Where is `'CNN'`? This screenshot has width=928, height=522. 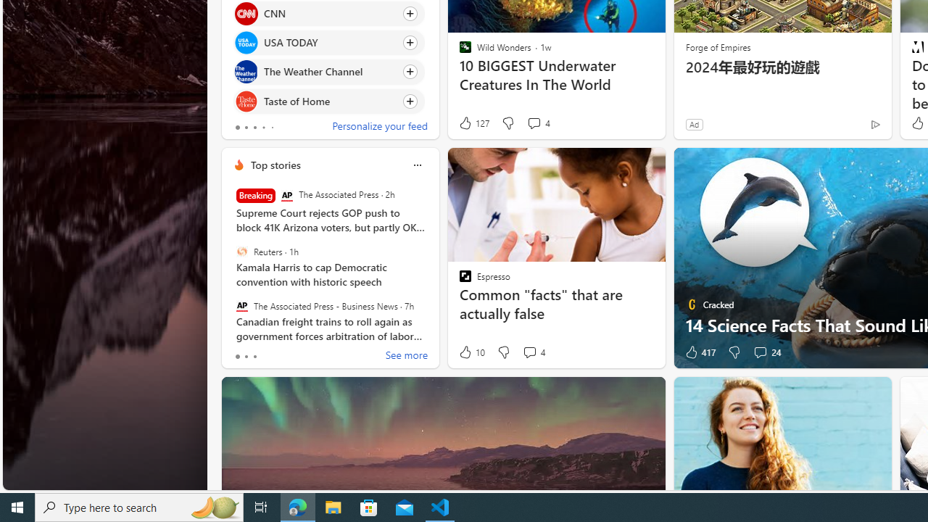 'CNN' is located at coordinates (246, 13).